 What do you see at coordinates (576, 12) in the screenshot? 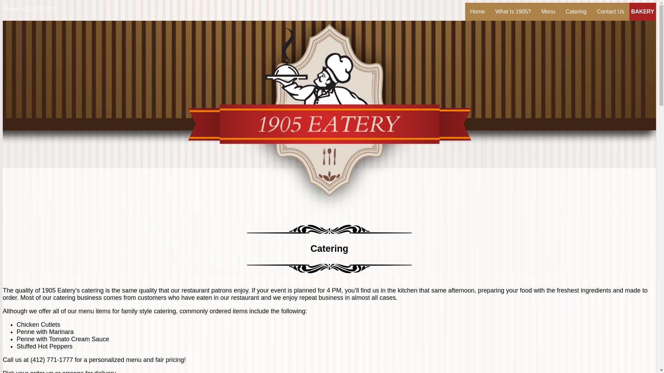
I see `'Catering'` at bounding box center [576, 12].